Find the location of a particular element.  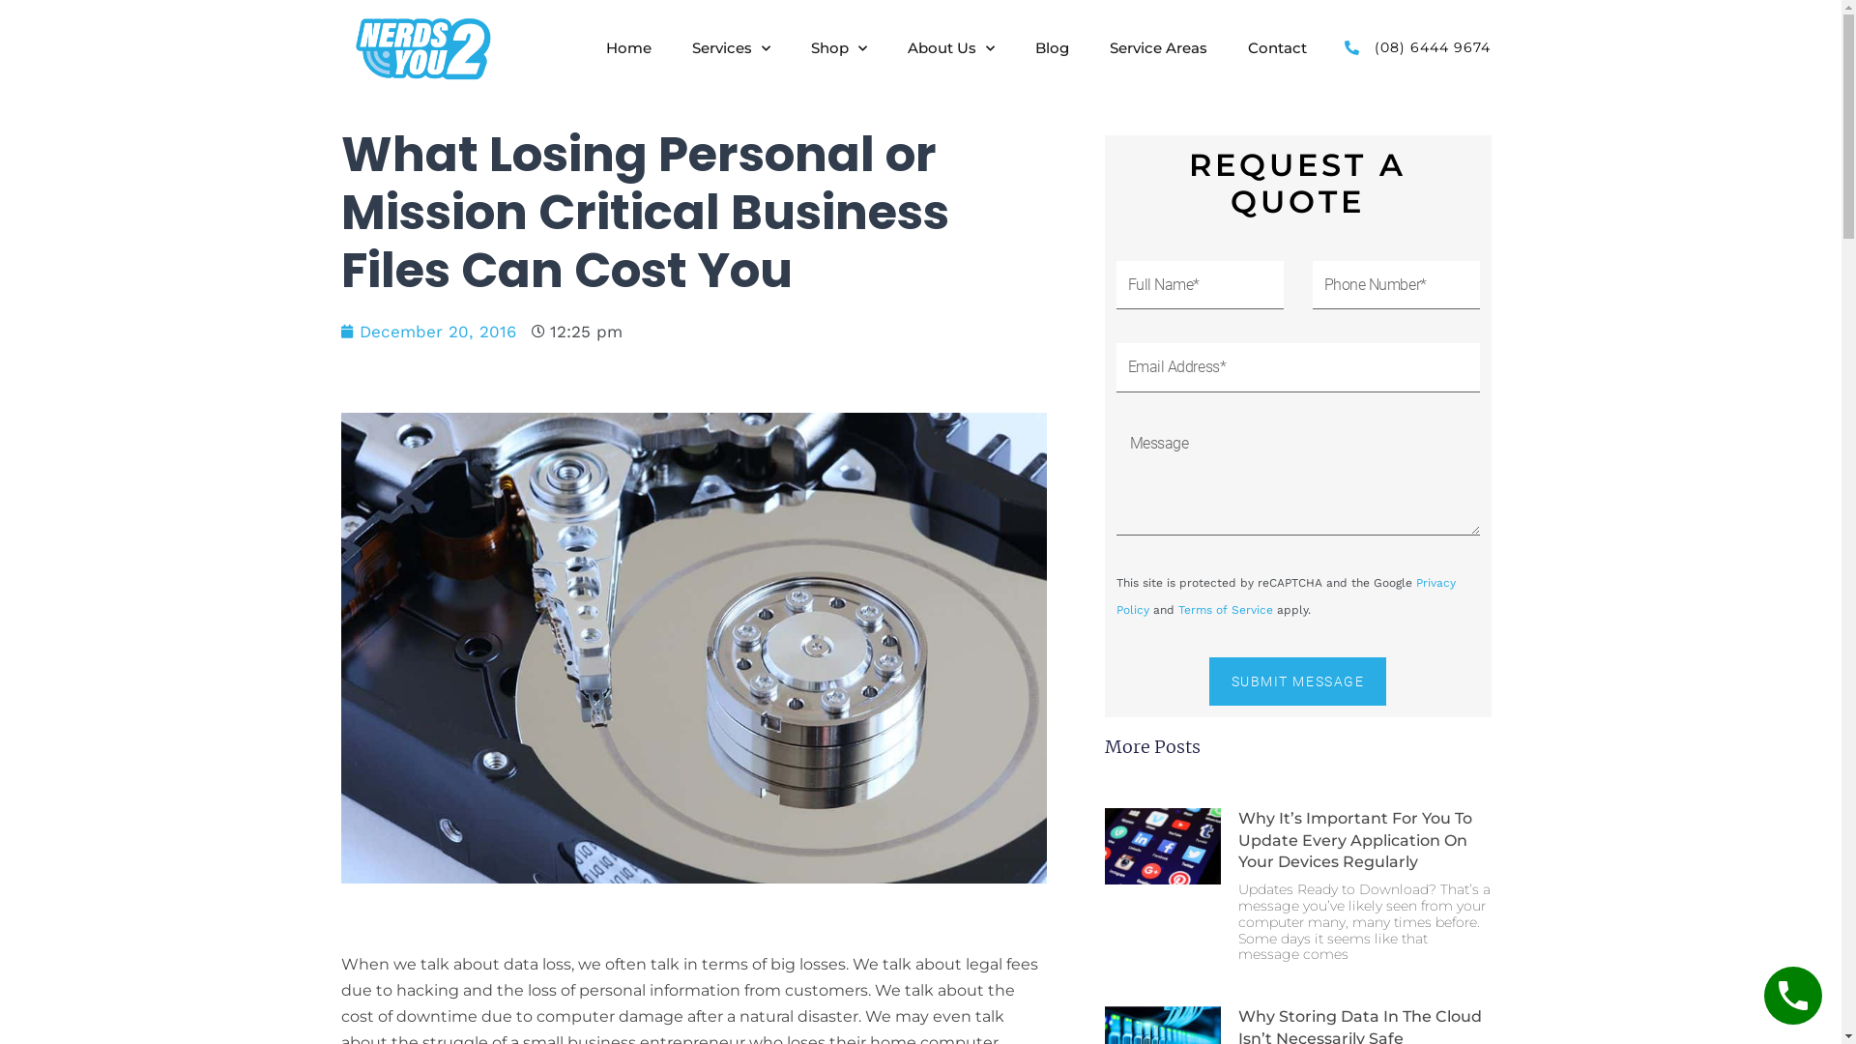

'Terms of Service' is located at coordinates (1224, 610).